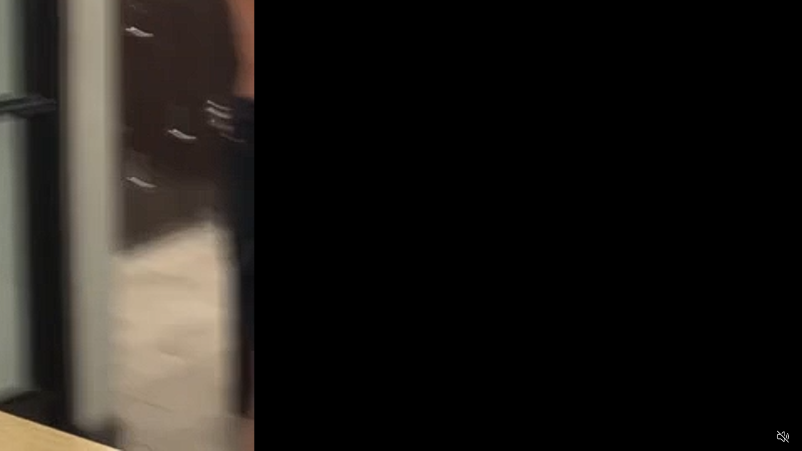 The image size is (802, 451). I want to click on 'Non-Fullscreen', so click(758, 436).